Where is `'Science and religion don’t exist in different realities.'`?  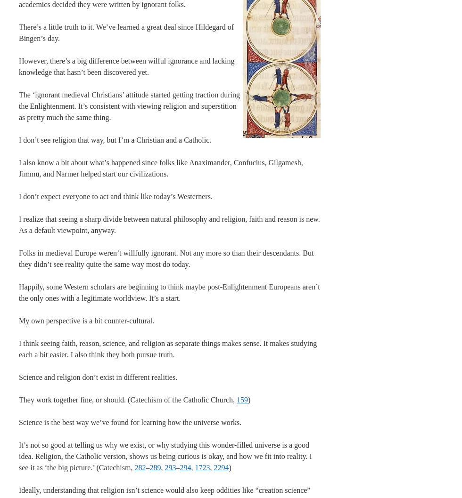
'Science and religion don’t exist in different realities.' is located at coordinates (98, 377).